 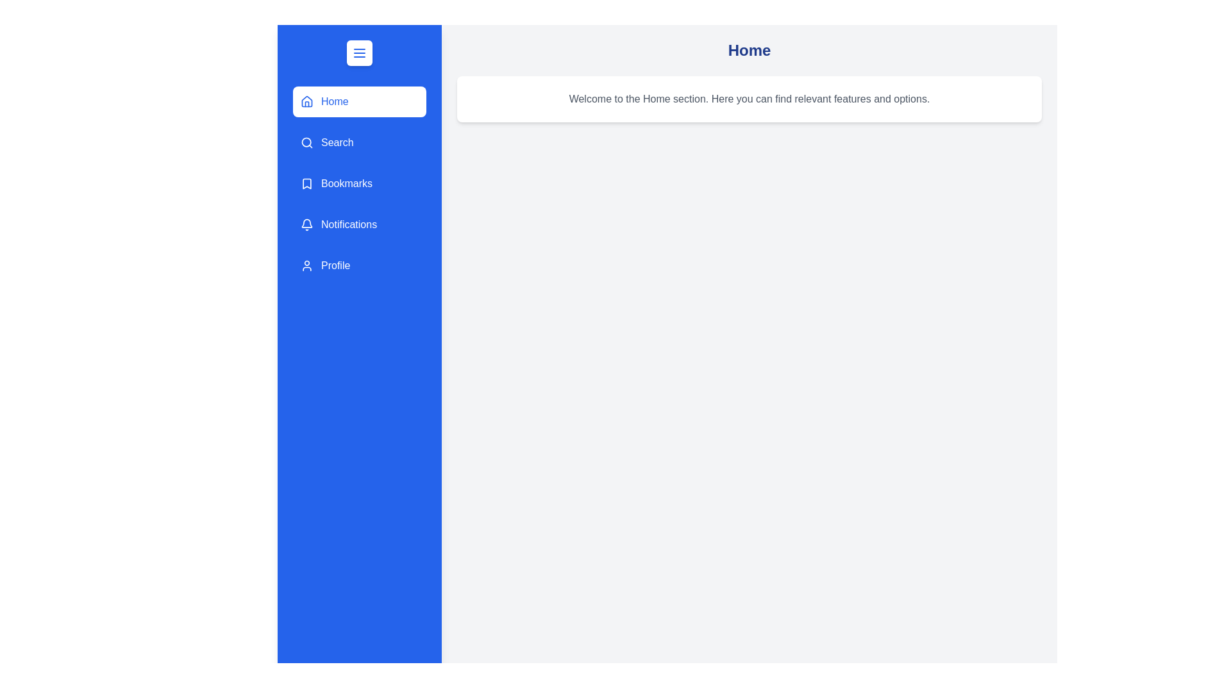 What do you see at coordinates (359, 101) in the screenshot?
I see `the menu item Home to see the hover effect` at bounding box center [359, 101].